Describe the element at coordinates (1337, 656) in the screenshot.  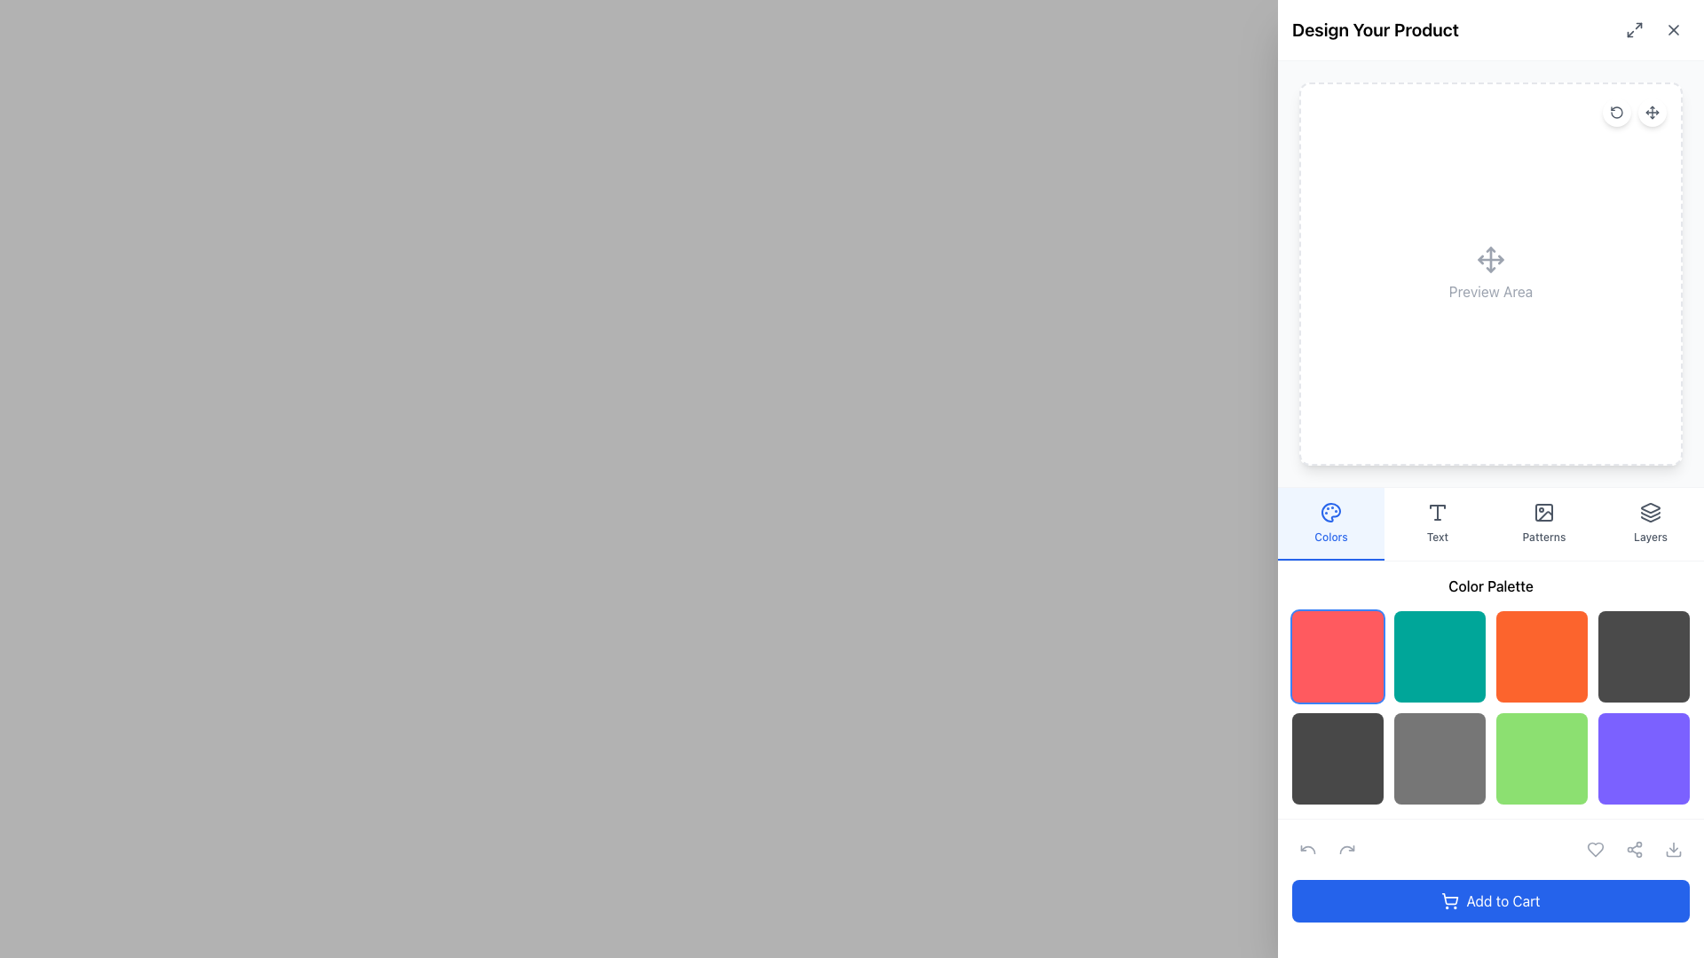
I see `the first selectable color swatch in the top-left of the color palette grid` at that location.